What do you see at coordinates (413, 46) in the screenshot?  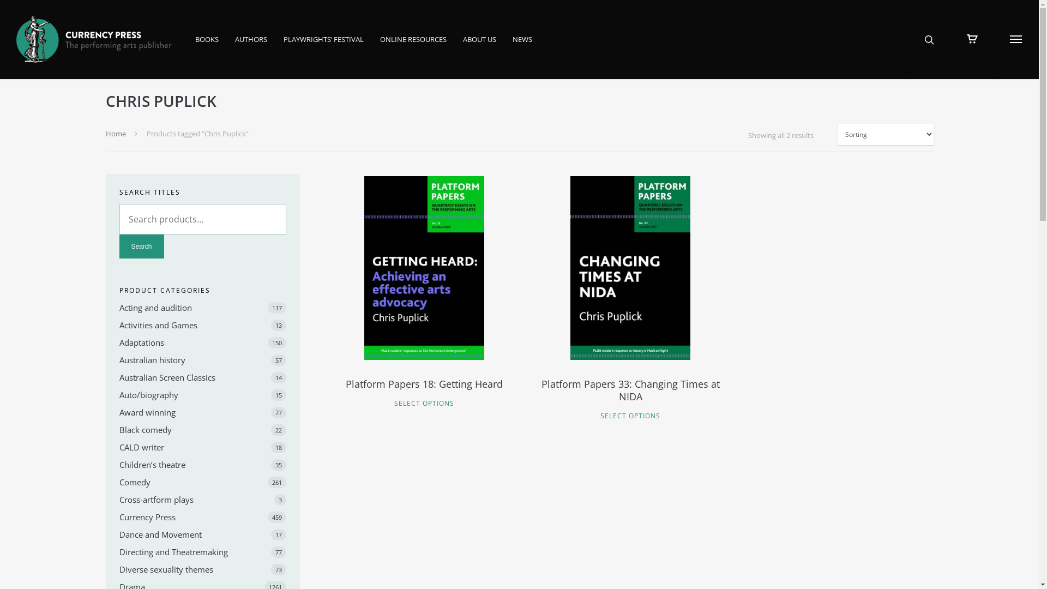 I see `'ONLINE RESOURCES'` at bounding box center [413, 46].